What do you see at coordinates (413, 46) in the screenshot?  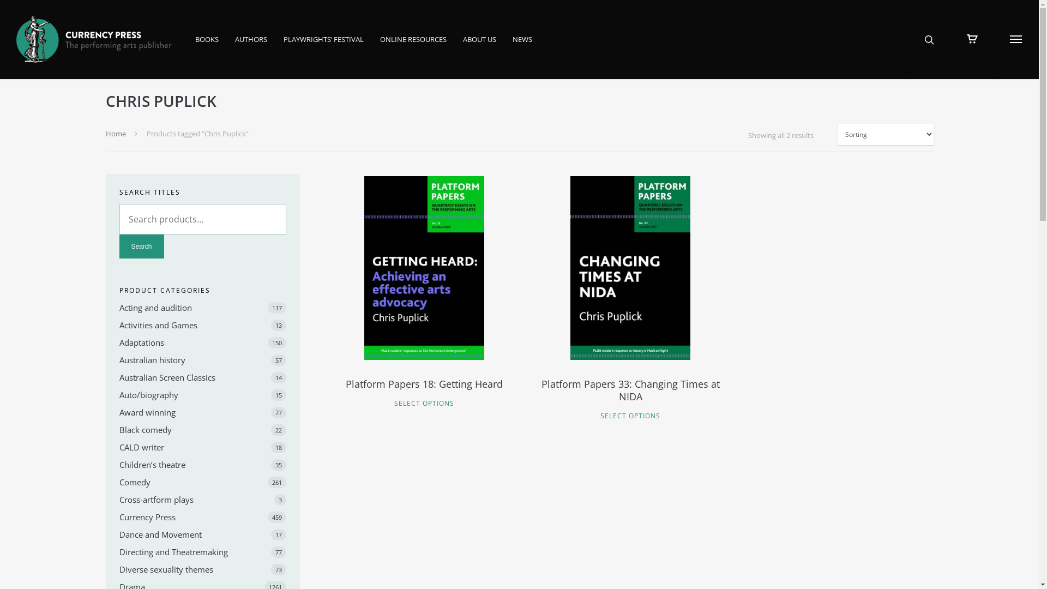 I see `'ONLINE RESOURCES'` at bounding box center [413, 46].